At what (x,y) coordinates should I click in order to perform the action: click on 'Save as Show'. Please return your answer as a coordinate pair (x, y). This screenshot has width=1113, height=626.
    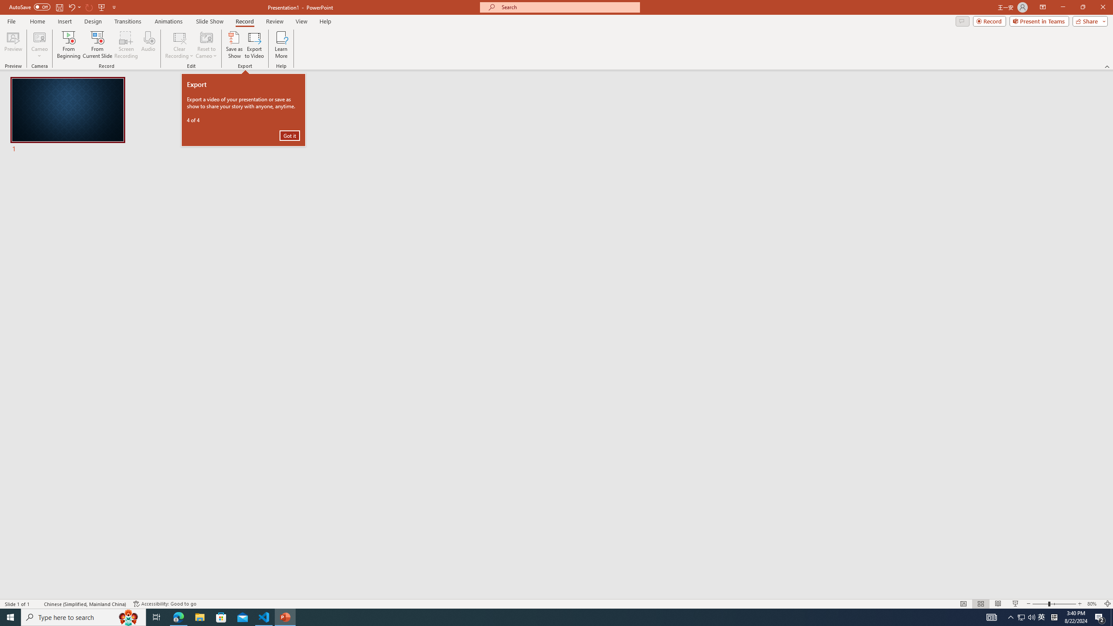
    Looking at the image, I should click on (234, 45).